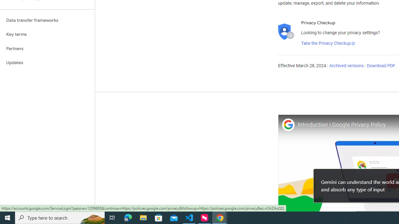 Image resolution: width=399 pixels, height=224 pixels. I want to click on 'Archived versions', so click(346, 66).